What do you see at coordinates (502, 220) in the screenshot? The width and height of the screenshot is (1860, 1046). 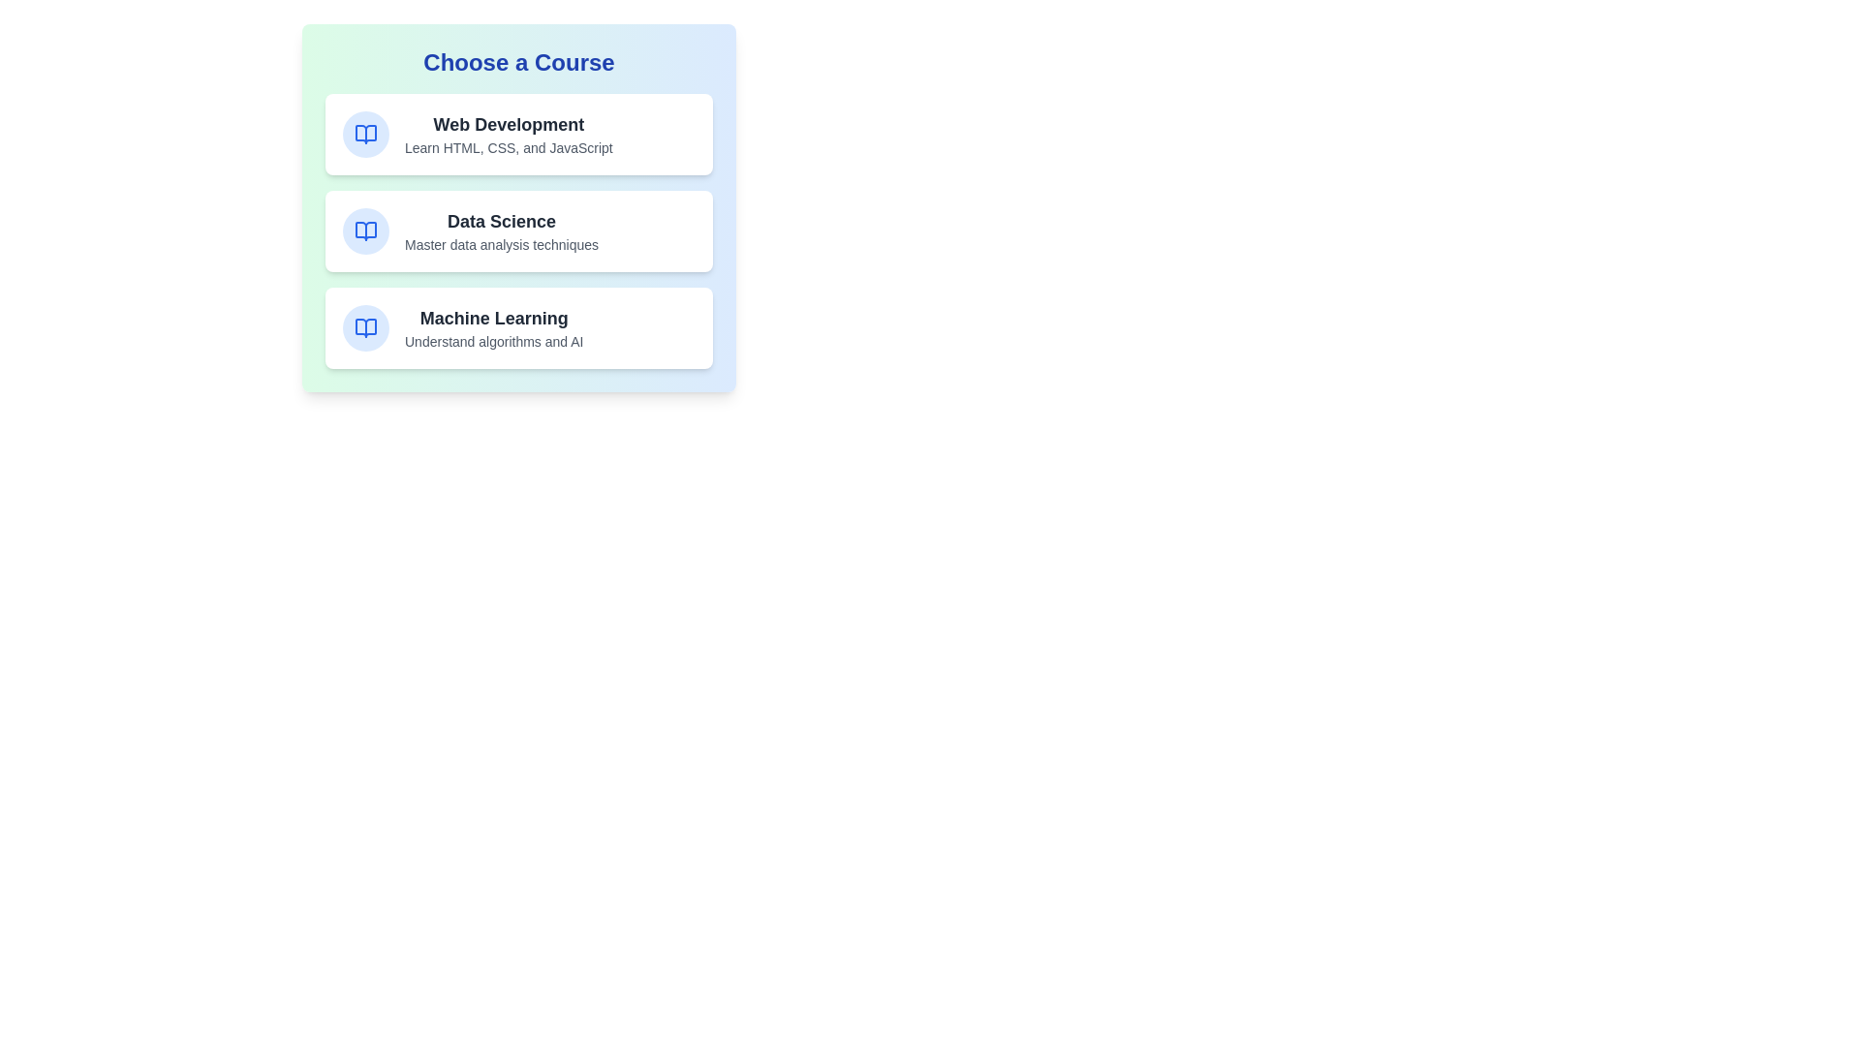 I see `the 'Data Science' label, which is prominently styled in bold and larger font size, positioned above the descriptive text in the center entry of a vertical list of course items` at bounding box center [502, 220].